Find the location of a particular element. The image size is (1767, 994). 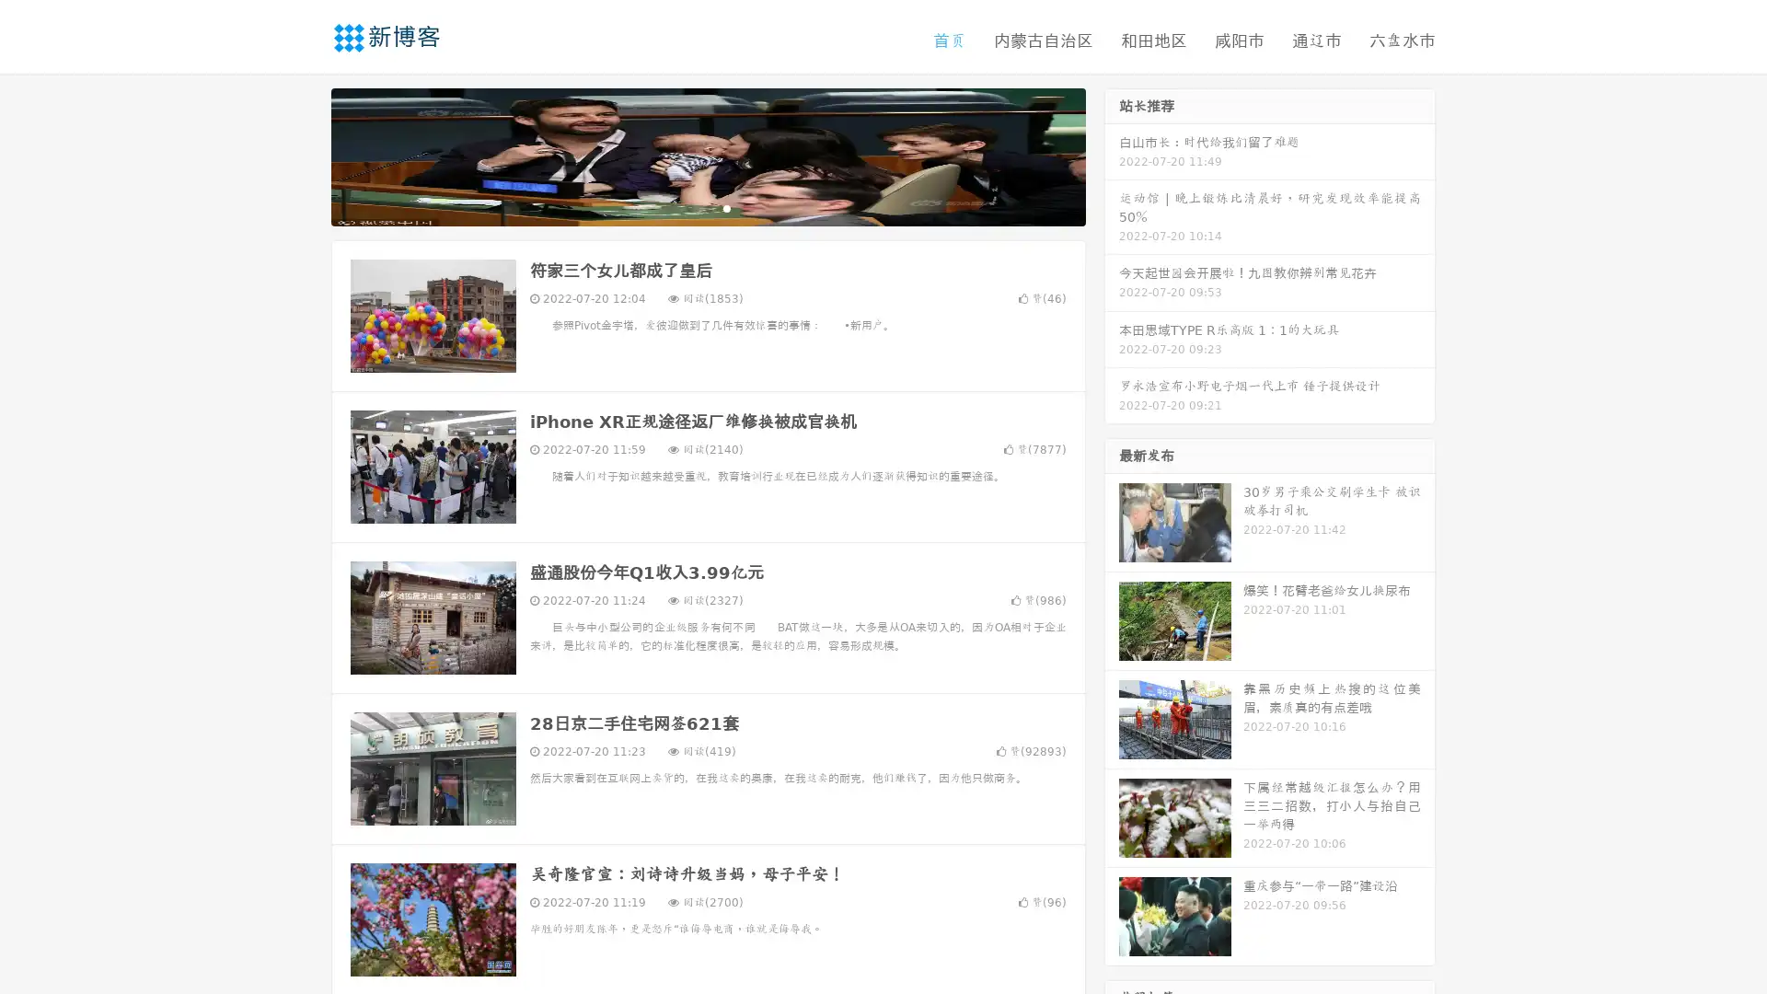

Previous slide is located at coordinates (304, 155).